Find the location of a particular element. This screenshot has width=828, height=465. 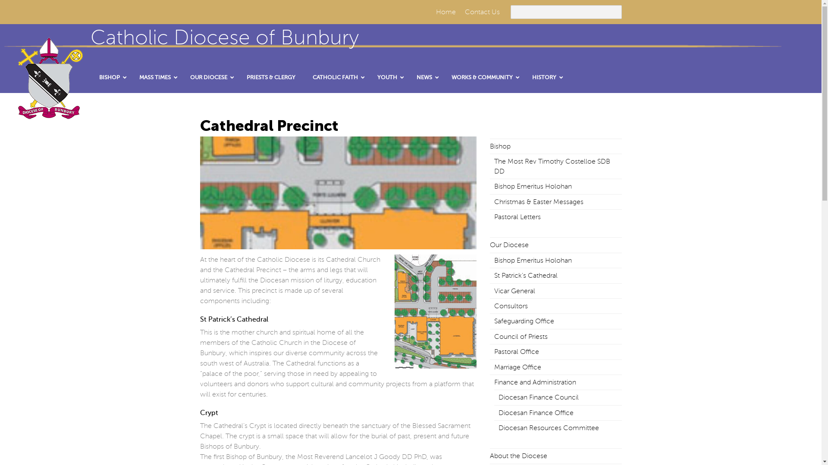

'About the Diocese' is located at coordinates (518, 456).